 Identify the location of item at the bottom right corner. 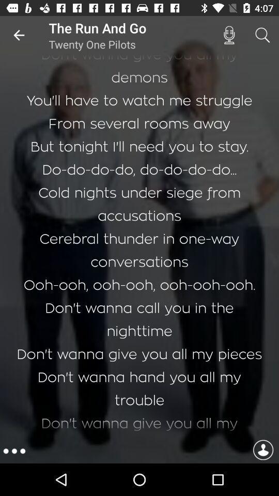
(263, 451).